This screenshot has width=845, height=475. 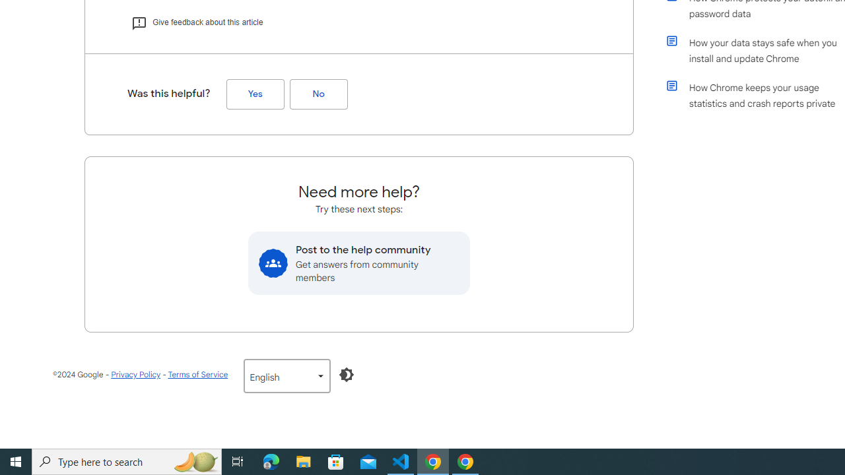 I want to click on 'Enable Dark Mode', so click(x=347, y=375).